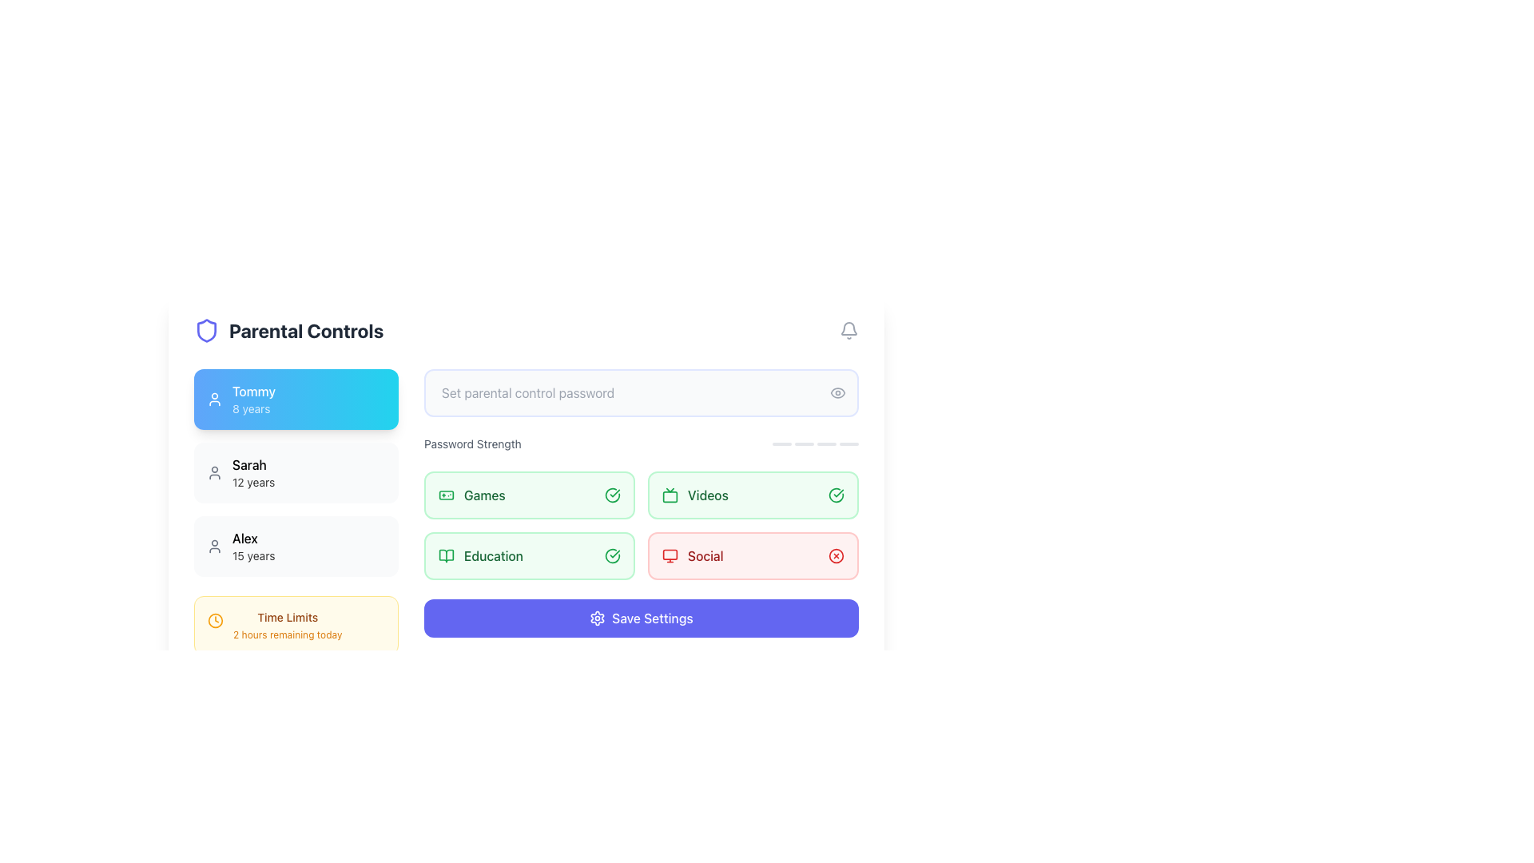 The width and height of the screenshot is (1534, 863). Describe the element at coordinates (479, 555) in the screenshot. I see `the 'Education' category button, which features a green open book icon and the text 'Education' in green, located in the second row under the 'Password Strength' section` at that location.